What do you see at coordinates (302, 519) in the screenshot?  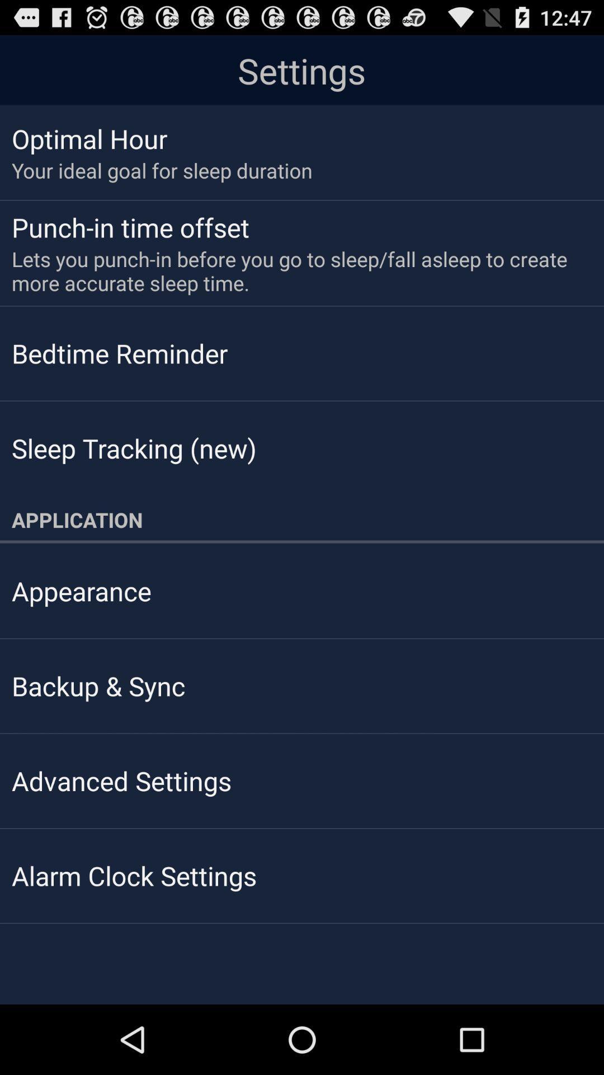 I see `item above the appearance item` at bounding box center [302, 519].